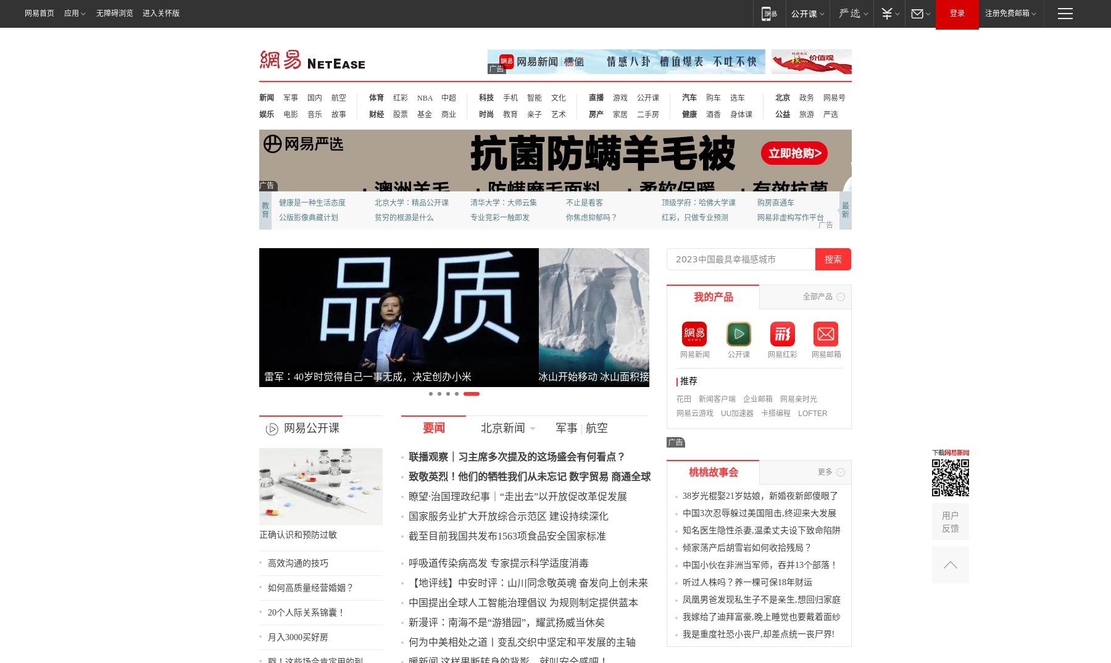  What do you see at coordinates (755, 631) in the screenshot?
I see `'我嫁给了迪拜富豪,晚上睡觉也要戴着面纱'` at bounding box center [755, 631].